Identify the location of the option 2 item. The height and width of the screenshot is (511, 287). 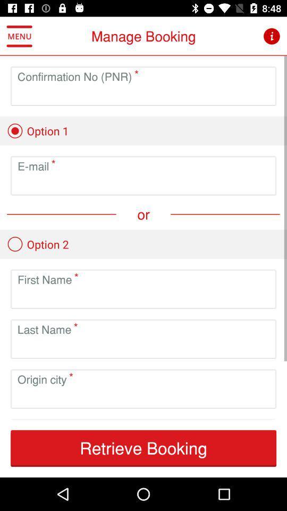
(37, 244).